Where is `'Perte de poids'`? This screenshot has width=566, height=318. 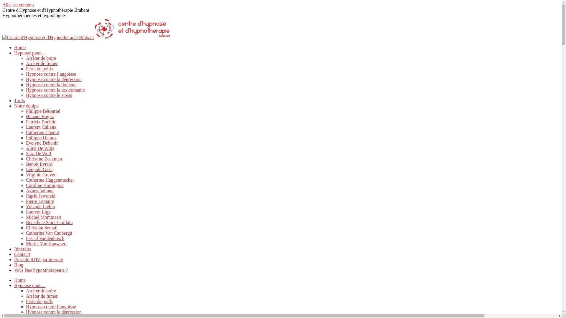 'Perte de poids' is located at coordinates (39, 301).